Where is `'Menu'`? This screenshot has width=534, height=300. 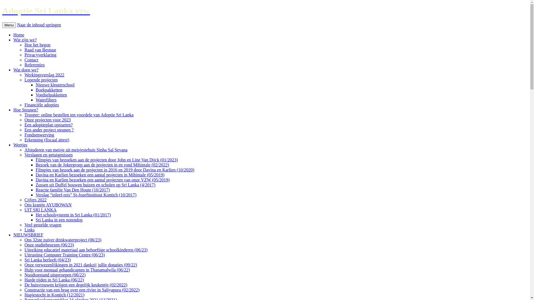
'Menu' is located at coordinates (2, 25).